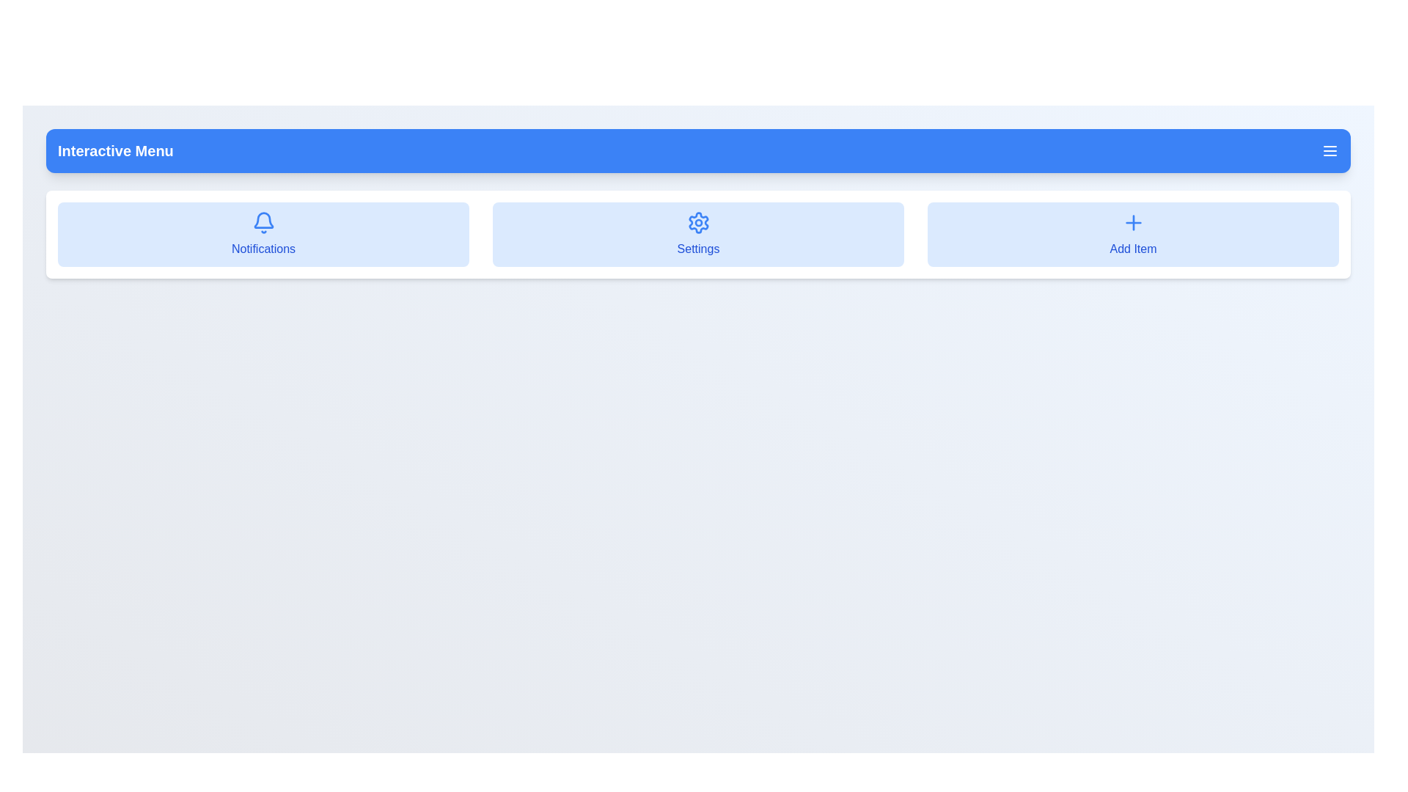  What do you see at coordinates (263, 234) in the screenshot?
I see `the menu item Notifications` at bounding box center [263, 234].